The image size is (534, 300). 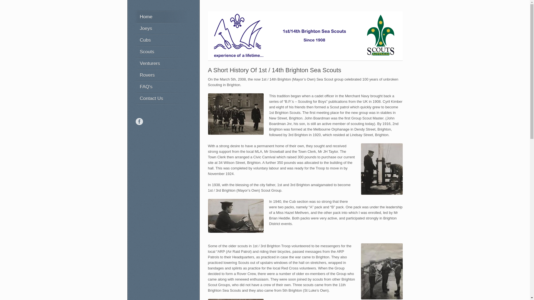 I want to click on 'Rovers', so click(x=134, y=75).